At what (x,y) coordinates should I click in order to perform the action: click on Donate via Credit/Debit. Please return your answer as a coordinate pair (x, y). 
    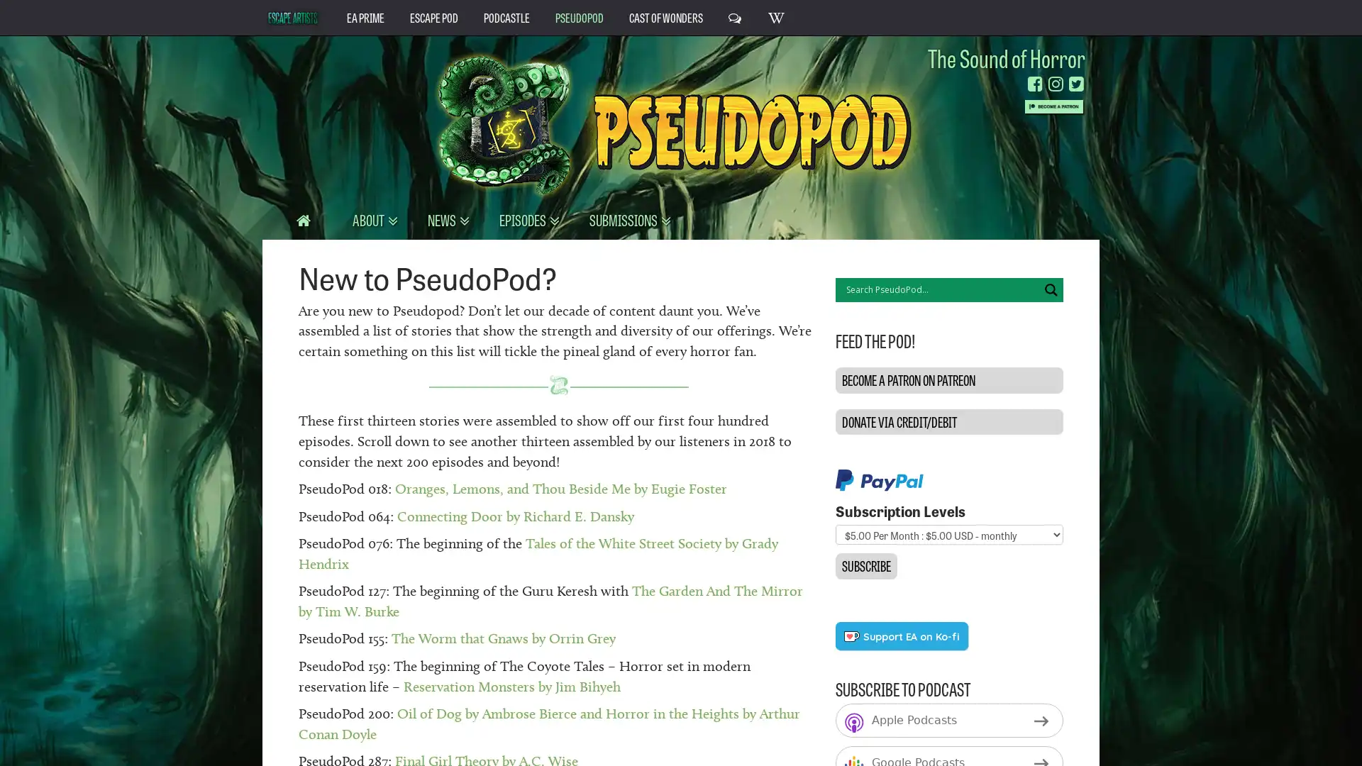
    Looking at the image, I should click on (948, 421).